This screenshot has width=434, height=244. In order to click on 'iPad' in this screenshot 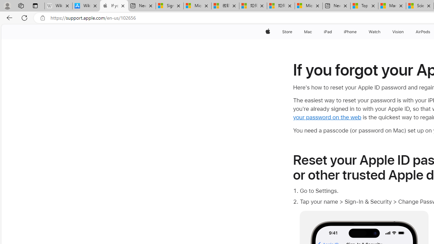, I will do `click(328, 32)`.